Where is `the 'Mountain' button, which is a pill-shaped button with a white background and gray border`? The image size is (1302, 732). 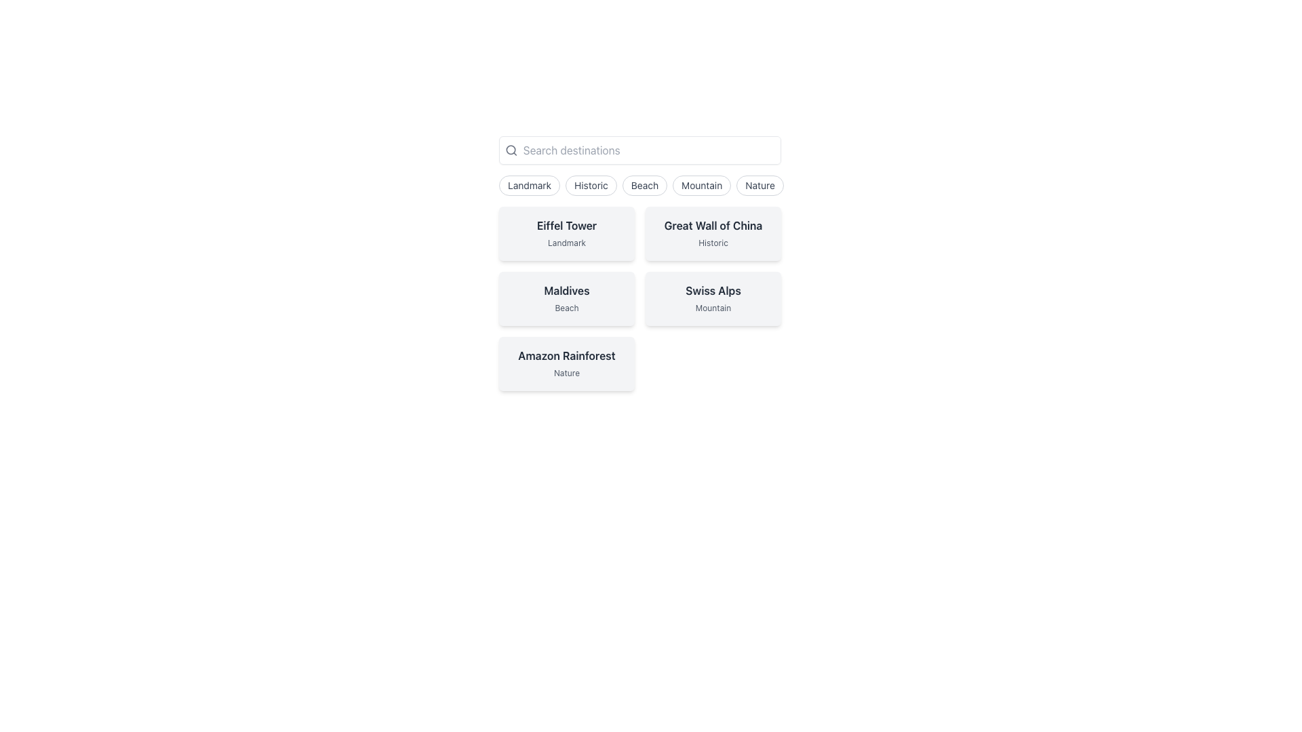
the 'Mountain' button, which is a pill-shaped button with a white background and gray border is located at coordinates (702, 185).